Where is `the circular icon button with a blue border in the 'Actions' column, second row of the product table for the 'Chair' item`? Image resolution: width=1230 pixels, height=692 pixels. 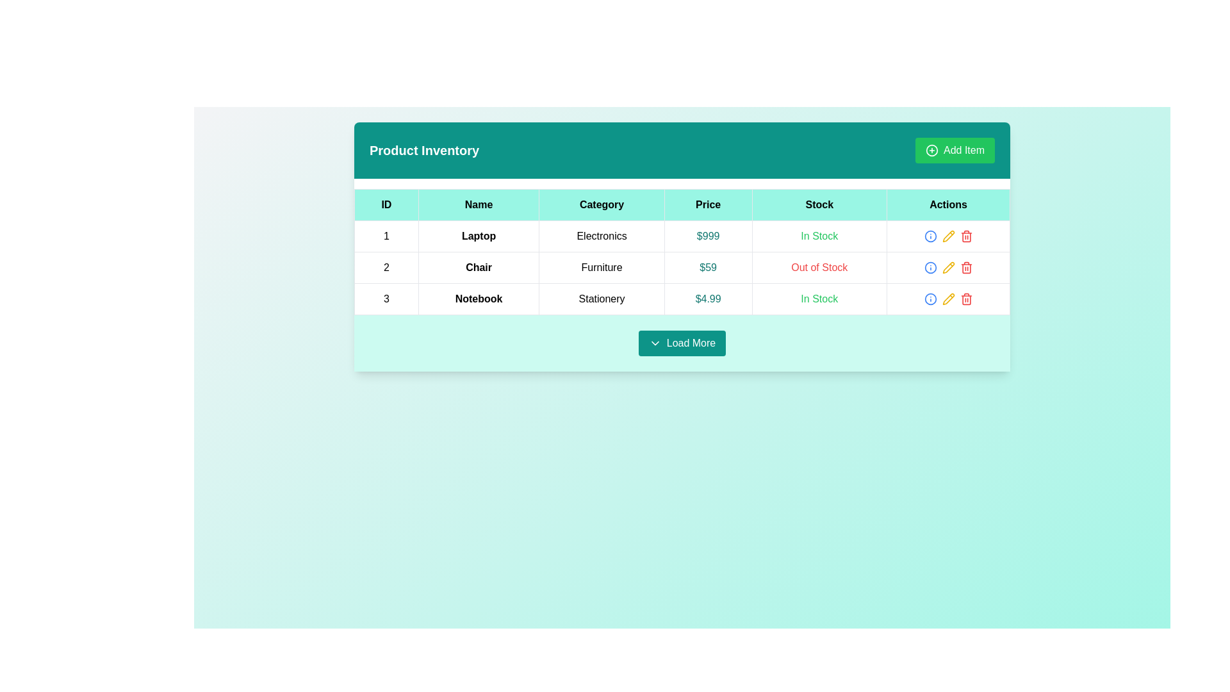
the circular icon button with a blue border in the 'Actions' column, second row of the product table for the 'Chair' item is located at coordinates (930, 267).